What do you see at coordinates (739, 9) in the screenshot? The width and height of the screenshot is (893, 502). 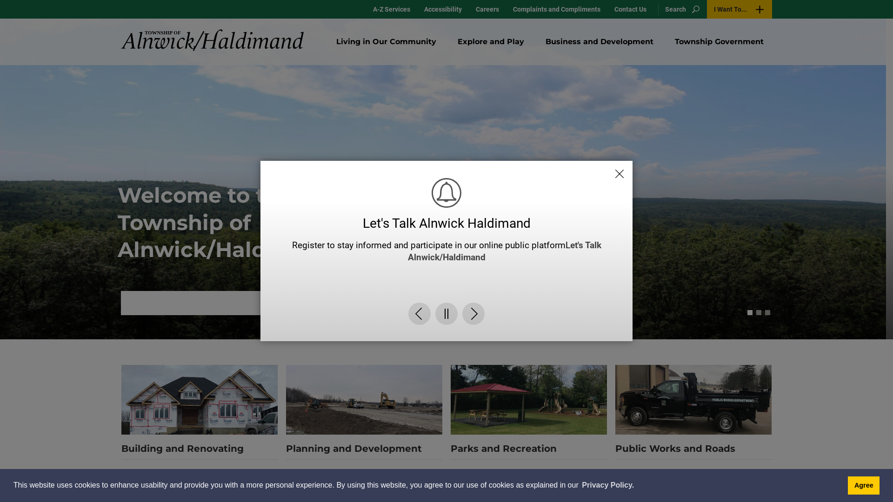 I see `'I Want To...'` at bounding box center [739, 9].